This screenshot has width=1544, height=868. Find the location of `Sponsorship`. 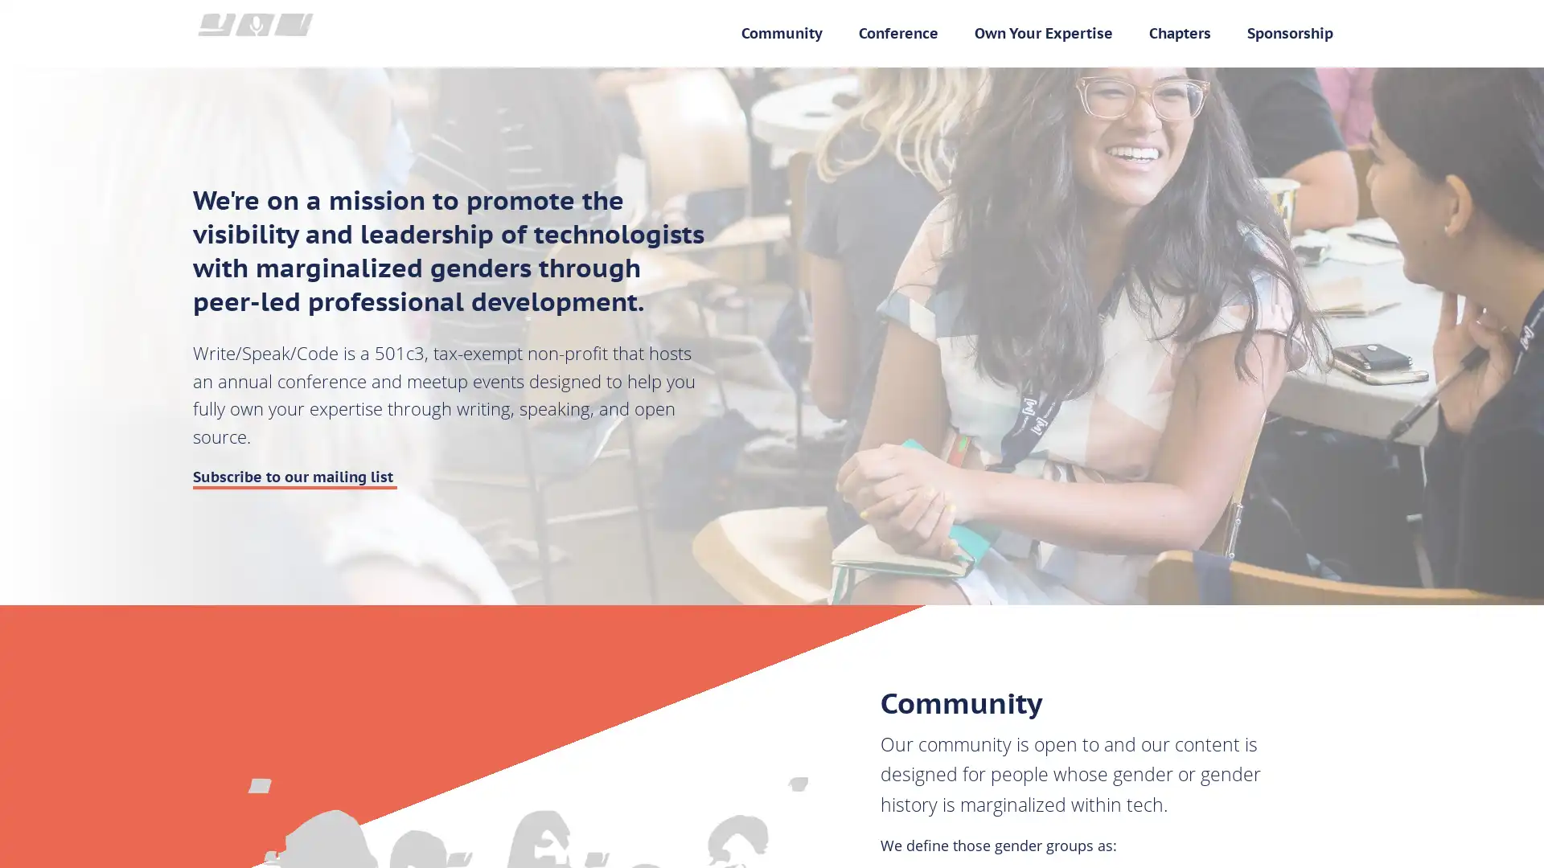

Sponsorship is located at coordinates (1289, 33).